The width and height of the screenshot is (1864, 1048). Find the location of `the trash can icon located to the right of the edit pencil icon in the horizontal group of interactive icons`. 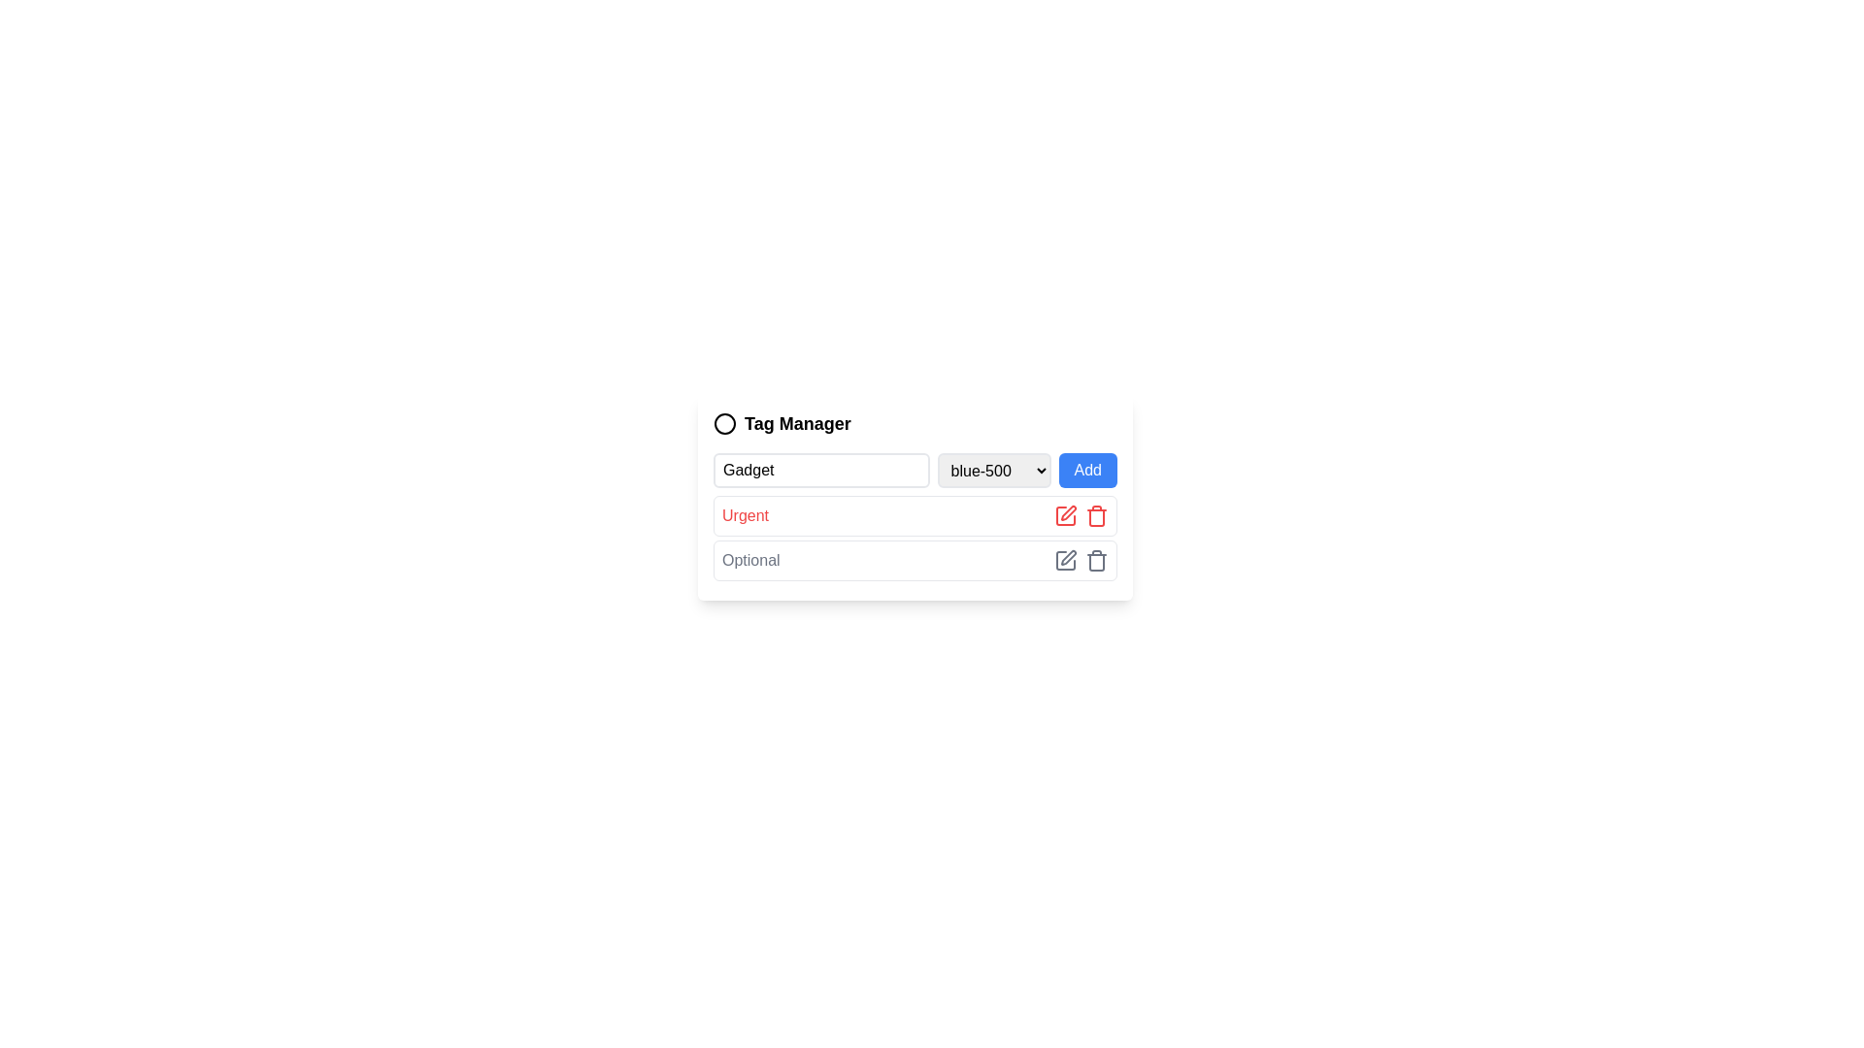

the trash can icon located to the right of the edit pencil icon in the horizontal group of interactive icons is located at coordinates (1096, 515).